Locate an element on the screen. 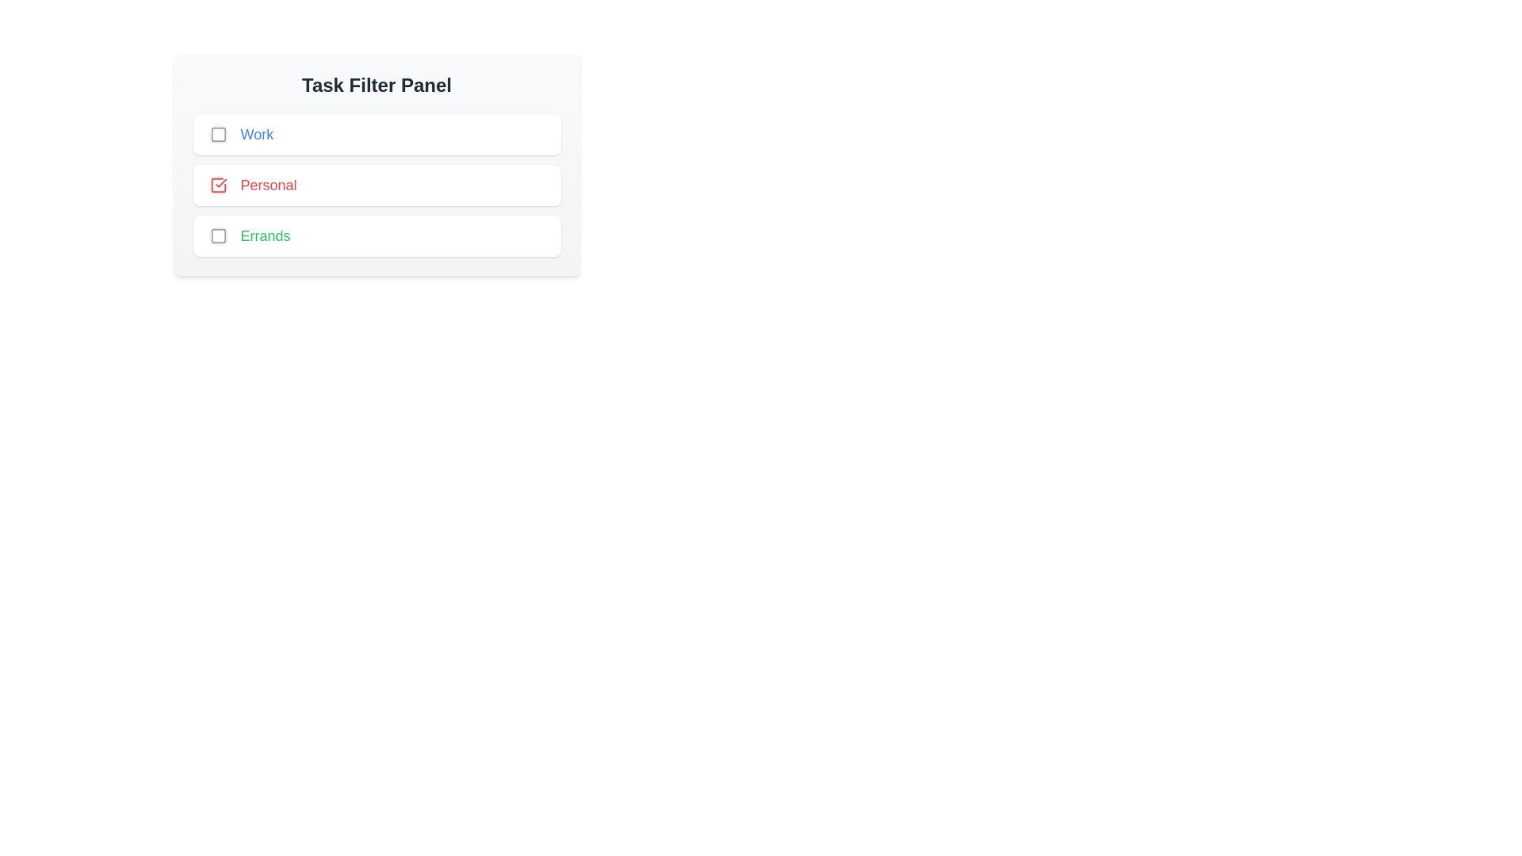 The image size is (1522, 856). the toggle button for the 'Errands' category is located at coordinates (217, 235).